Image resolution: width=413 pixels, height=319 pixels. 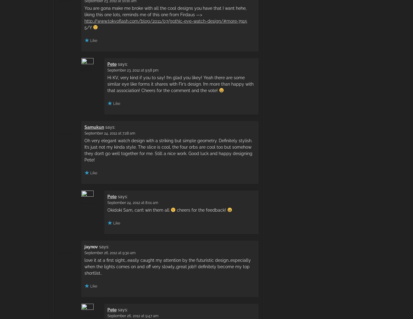 I want to click on 'http://www.tokyoflash.com/blog/2011/07/gothic-eye-watch-design/#more-7915', so click(x=166, y=20).